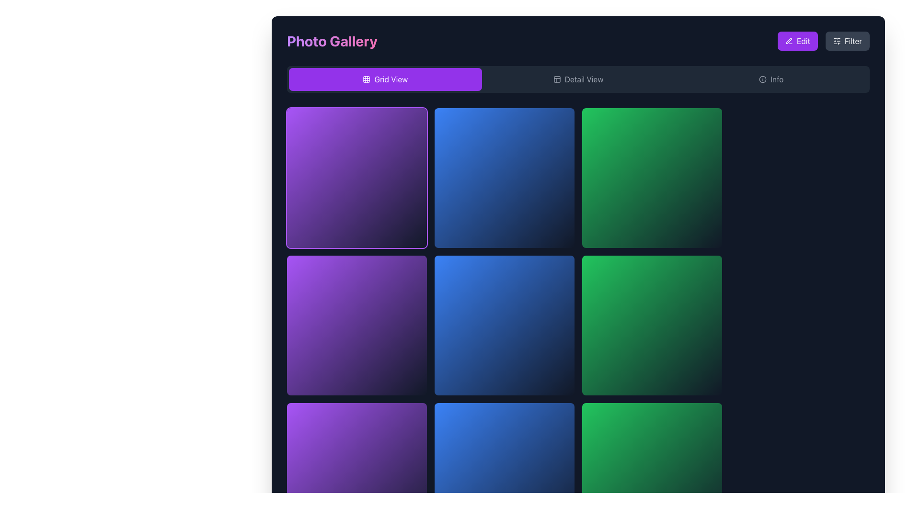 The image size is (920, 517). I want to click on the 'Info' button, which is styled as a rounded rectangle with a dark background and features an icon on the left side of the text, so click(771, 79).